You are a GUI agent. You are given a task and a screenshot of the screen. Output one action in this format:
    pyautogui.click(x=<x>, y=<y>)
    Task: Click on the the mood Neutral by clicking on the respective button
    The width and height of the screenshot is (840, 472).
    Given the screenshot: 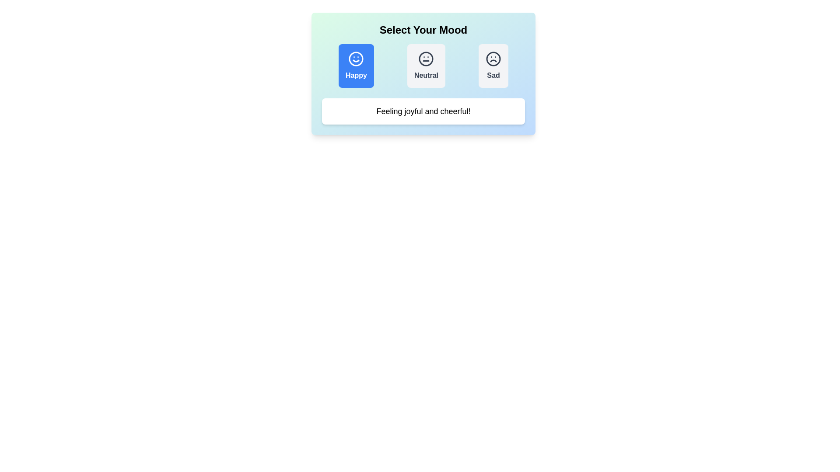 What is the action you would take?
    pyautogui.click(x=426, y=65)
    